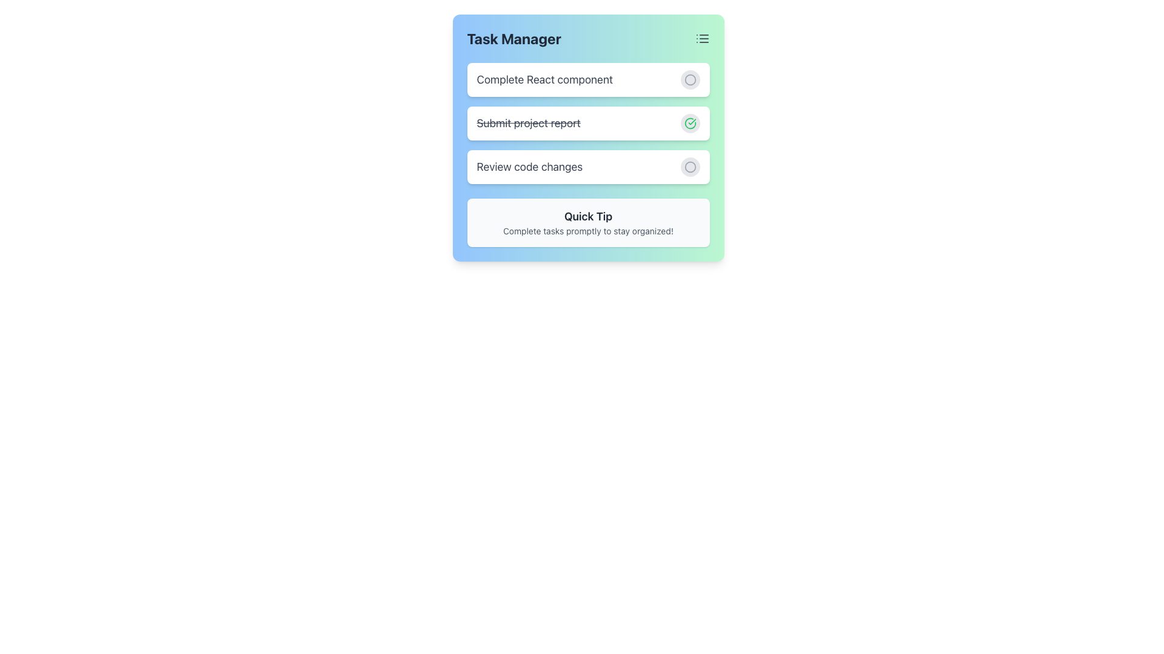 This screenshot has width=1164, height=654. I want to click on the Task Item element labeled 'Complete React component', so click(588, 79).